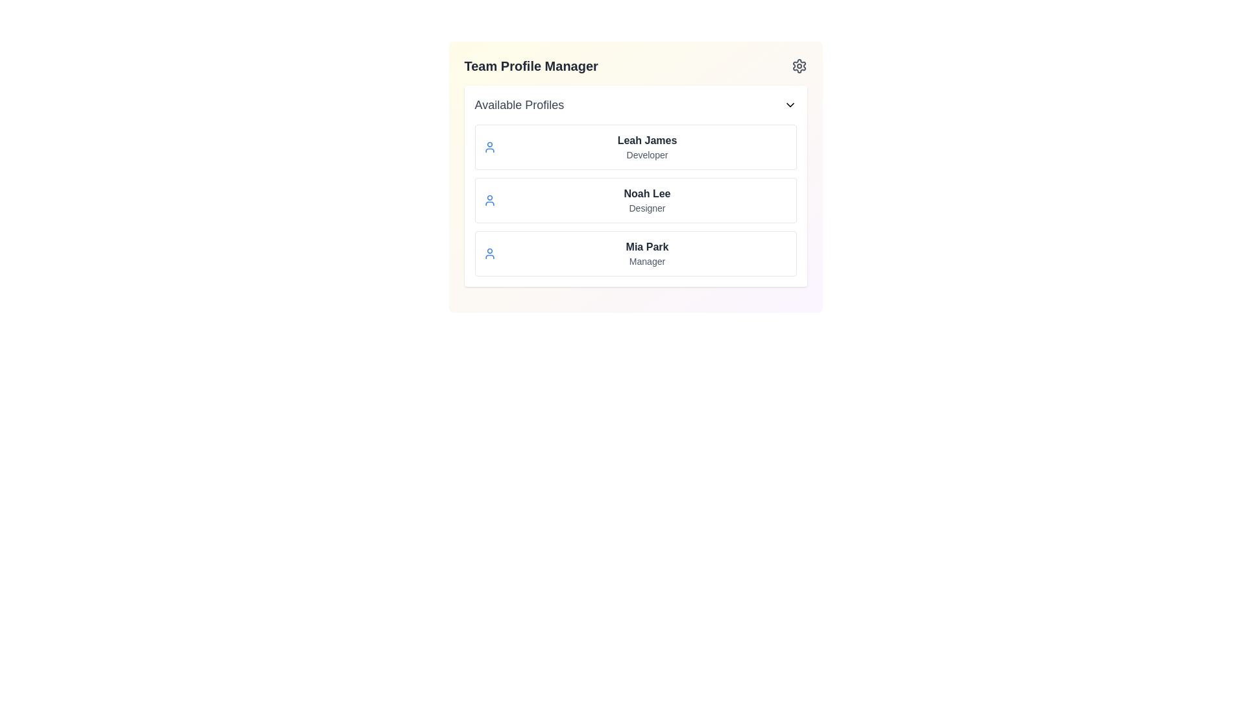  What do you see at coordinates (647, 247) in the screenshot?
I see `the profile entry containing the text label 'Mia Park' located in the 'Available Profiles' section of the 'Team Profile Manager' interface` at bounding box center [647, 247].